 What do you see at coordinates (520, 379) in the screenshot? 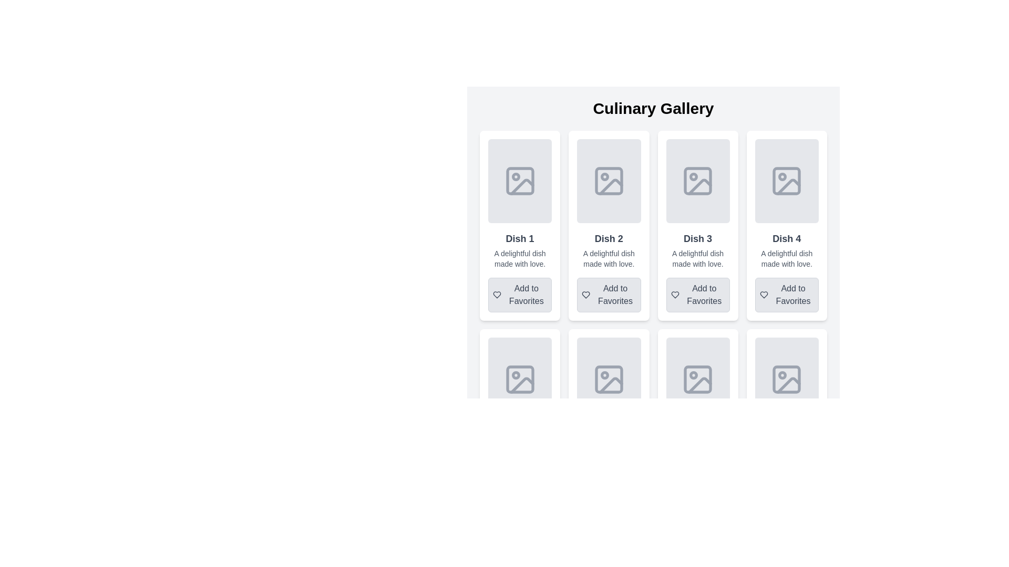
I see `the Icon in the 'Culinary Gallery' section that serves as a visual placeholder for images, which is located in the second row and first column of a grid layout` at bounding box center [520, 379].